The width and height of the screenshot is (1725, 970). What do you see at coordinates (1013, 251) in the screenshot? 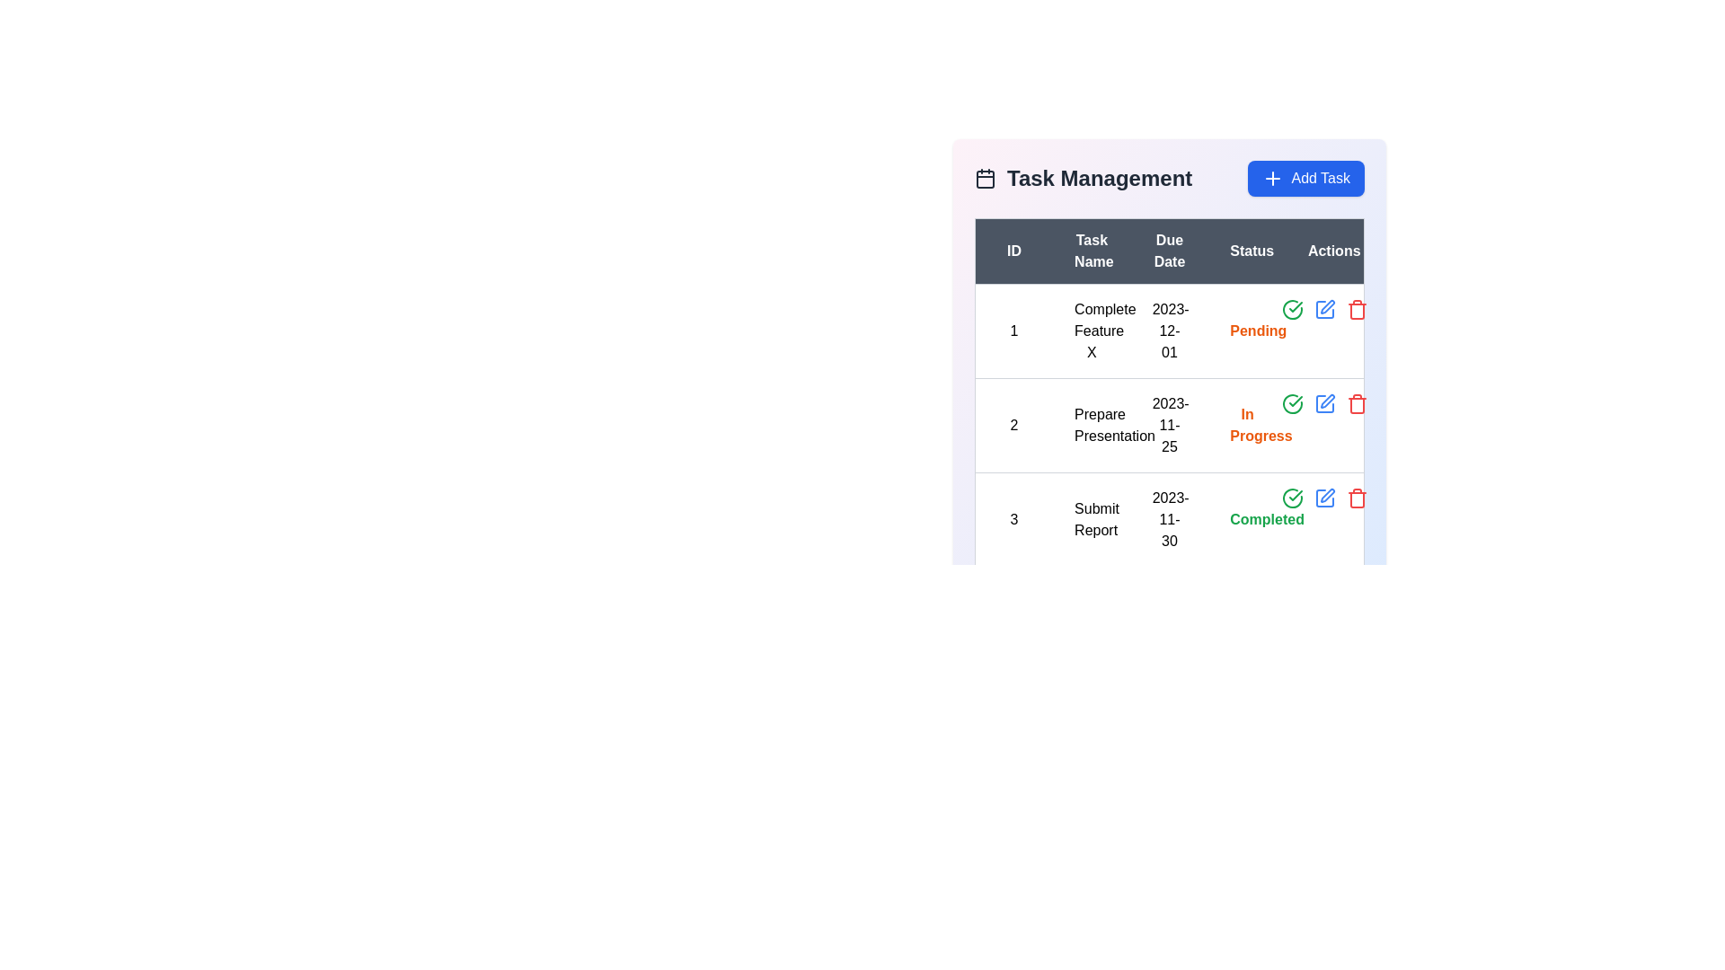
I see `the Table Header located in the first cell of the header row, which indicates the column contains unique identifiers for tasks` at bounding box center [1013, 251].